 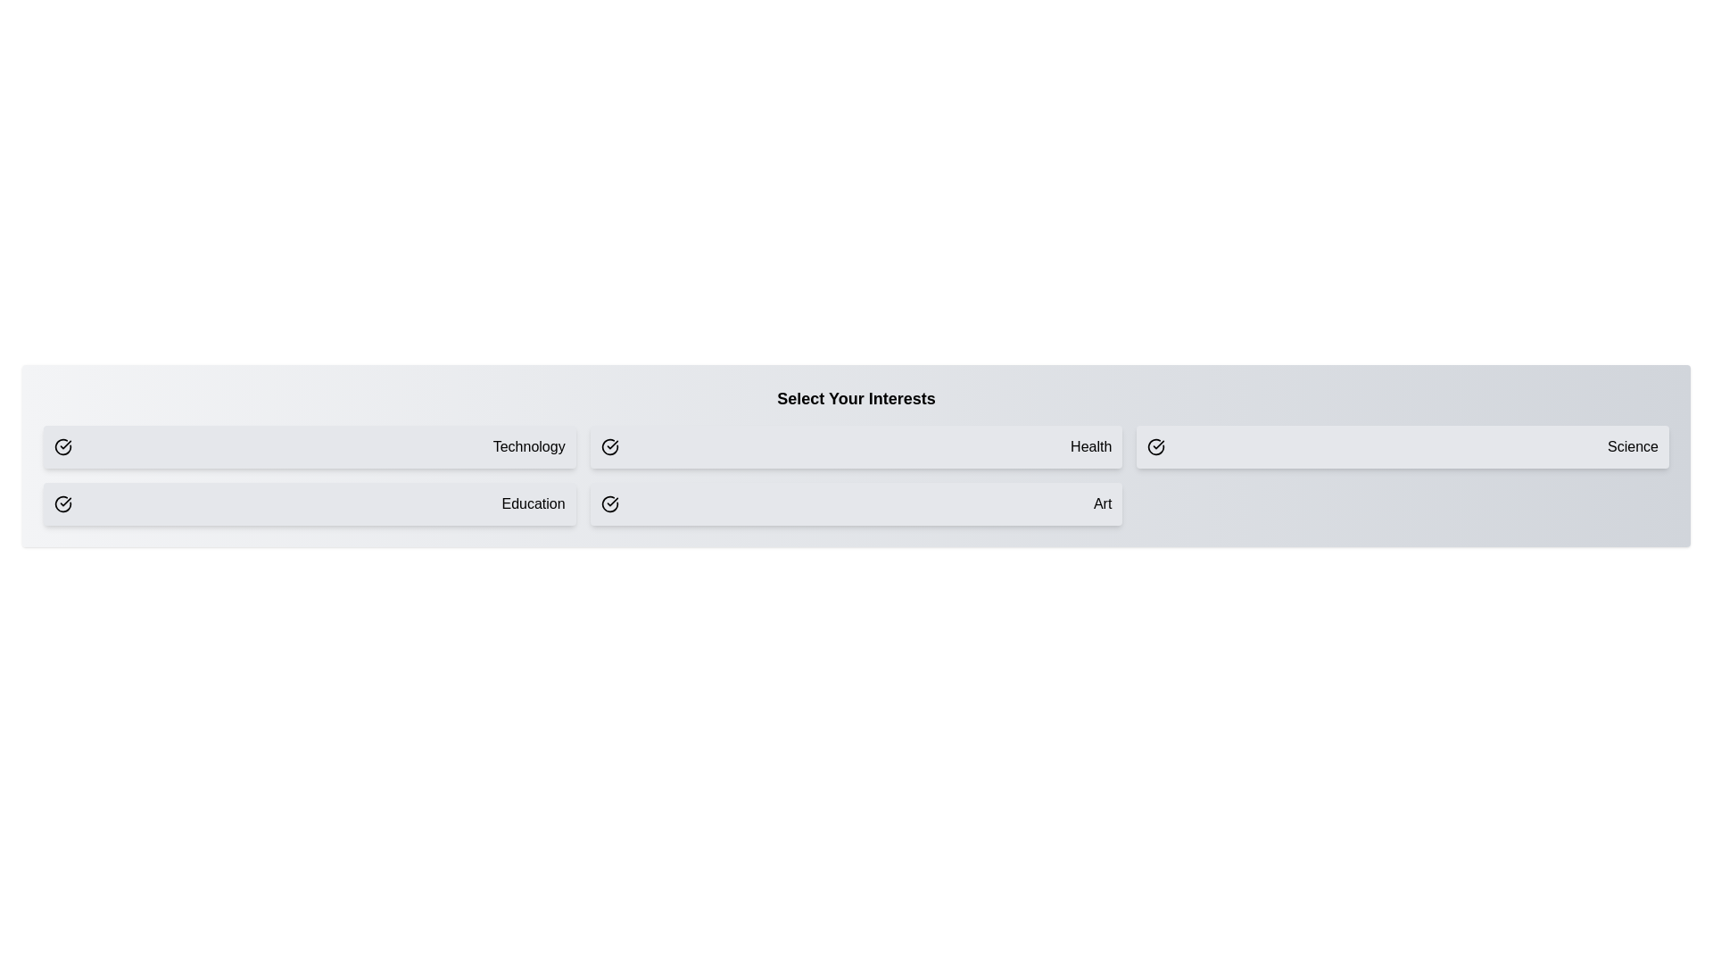 I want to click on the button corresponding to the interest Health to toggle its selection, so click(x=856, y=446).